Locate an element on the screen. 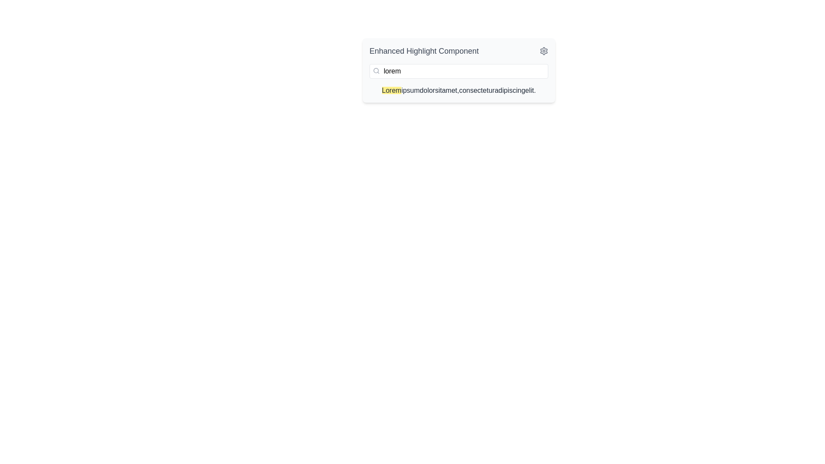  the second word 'ipsum' is located at coordinates (410, 90).